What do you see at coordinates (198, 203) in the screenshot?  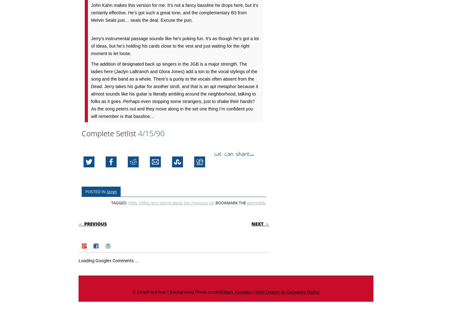 I see `'San Francisco CA'` at bounding box center [198, 203].